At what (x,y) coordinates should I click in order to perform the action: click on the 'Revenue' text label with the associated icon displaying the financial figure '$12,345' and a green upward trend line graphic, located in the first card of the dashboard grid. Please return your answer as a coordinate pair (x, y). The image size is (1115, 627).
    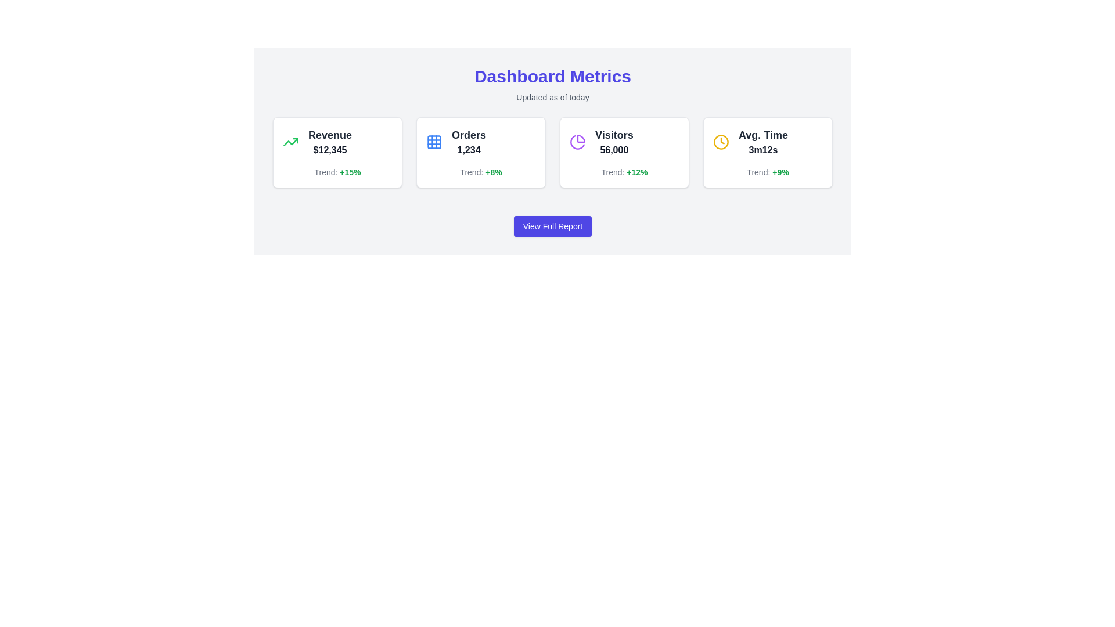
    Looking at the image, I should click on (337, 142).